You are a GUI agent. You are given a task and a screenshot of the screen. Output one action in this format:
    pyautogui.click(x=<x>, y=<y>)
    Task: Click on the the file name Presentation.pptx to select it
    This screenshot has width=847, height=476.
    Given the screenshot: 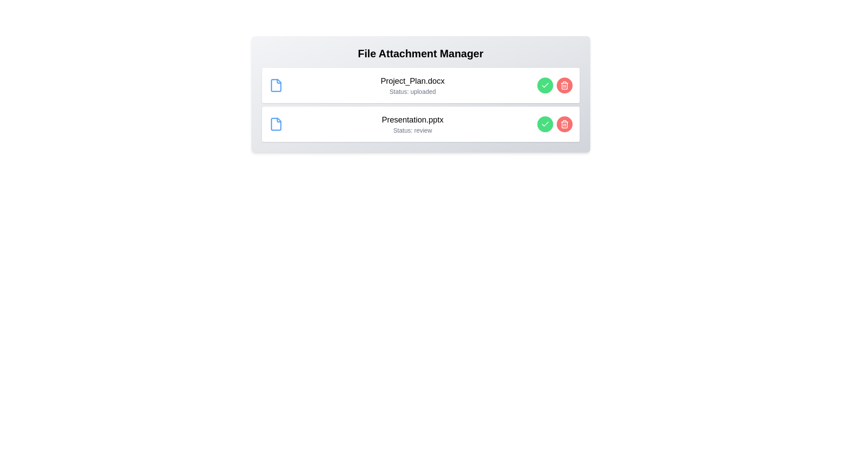 What is the action you would take?
    pyautogui.click(x=412, y=120)
    